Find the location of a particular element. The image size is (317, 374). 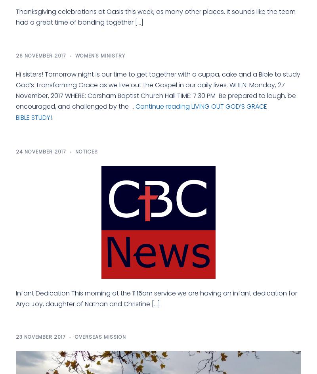

'1' is located at coordinates (28, 117).